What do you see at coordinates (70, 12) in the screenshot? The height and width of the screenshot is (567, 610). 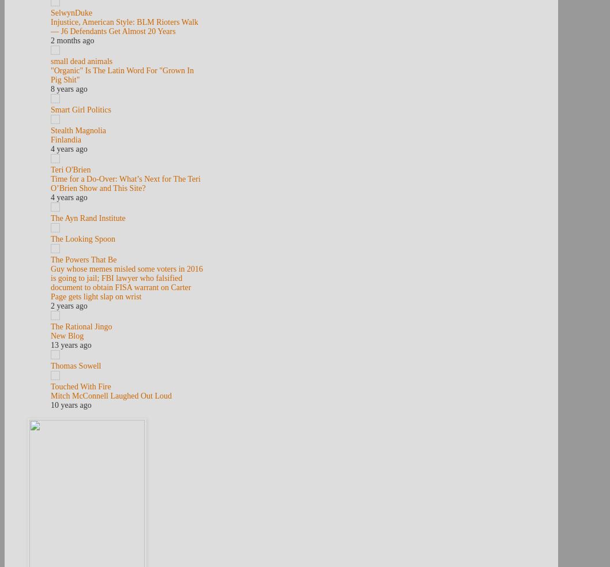 I see `'SelwynDuke'` at bounding box center [70, 12].